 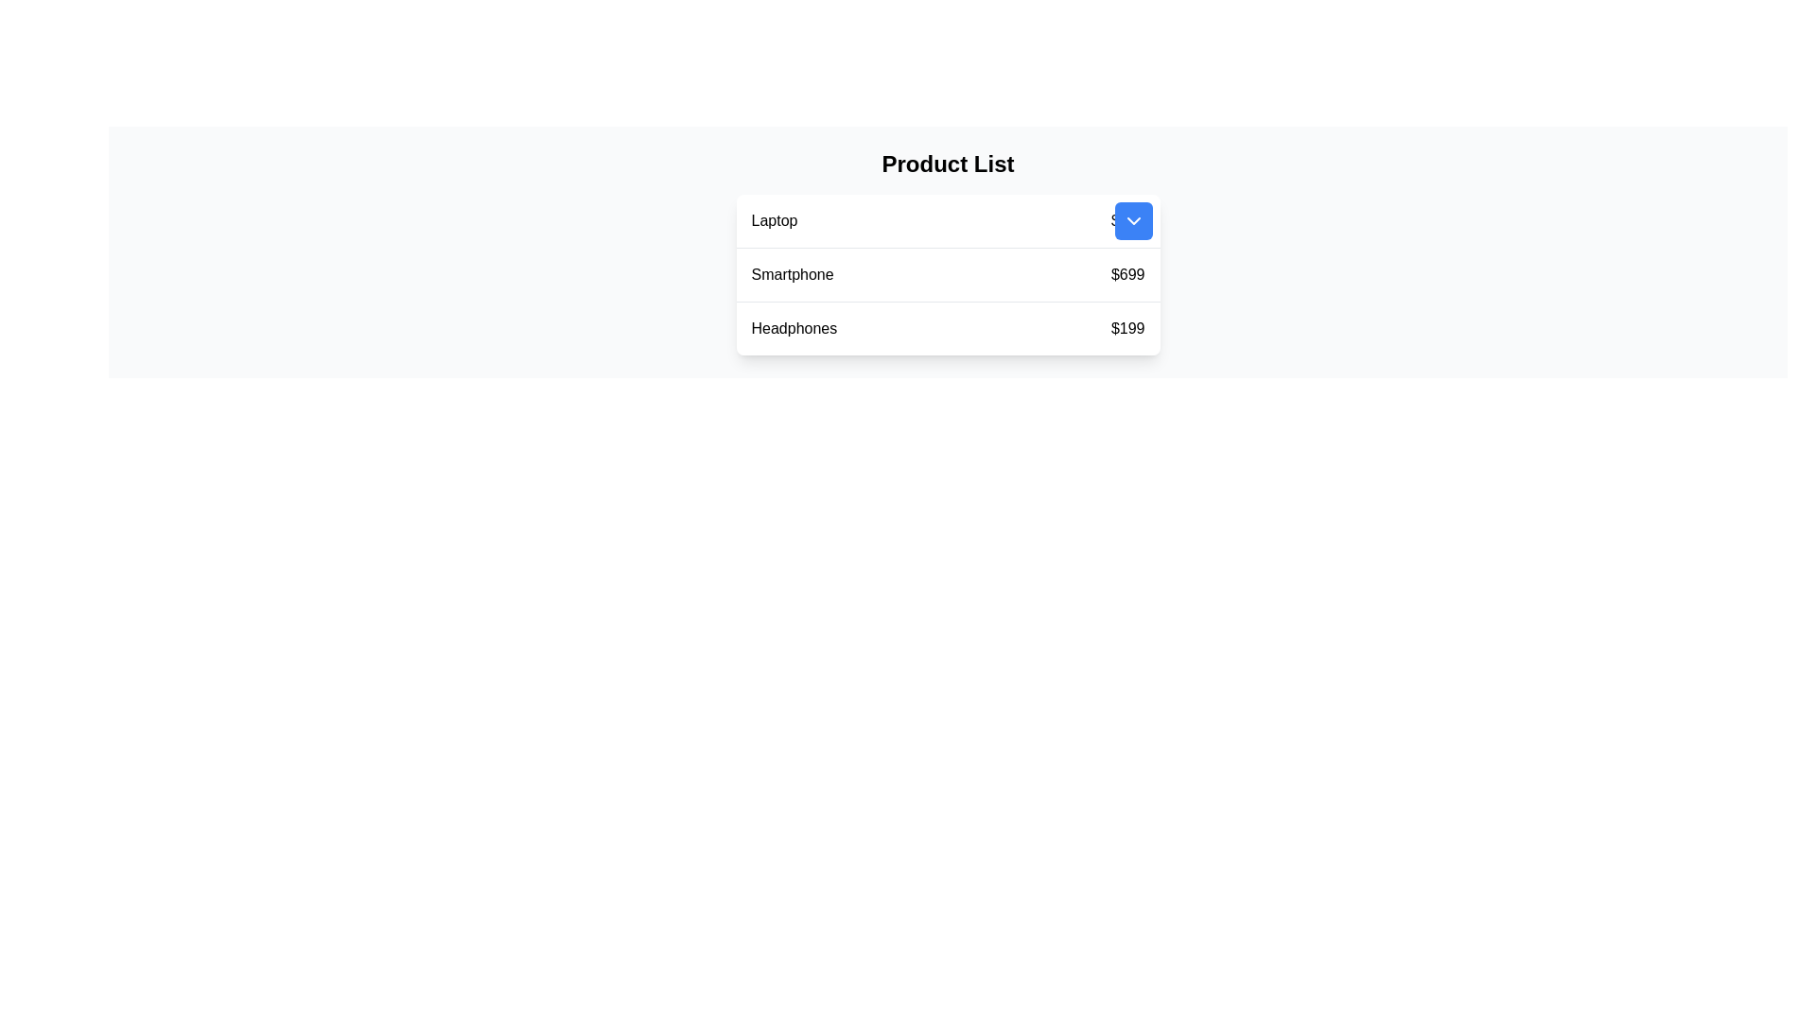 What do you see at coordinates (1133, 220) in the screenshot?
I see `the button located in the top-right corner of the 'Laptop' list item priced at '$999'` at bounding box center [1133, 220].